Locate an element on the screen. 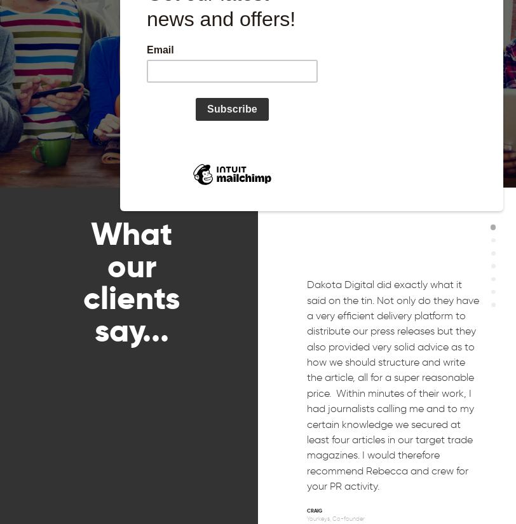  'Yourkeys, Co-founder' is located at coordinates (306, 518).